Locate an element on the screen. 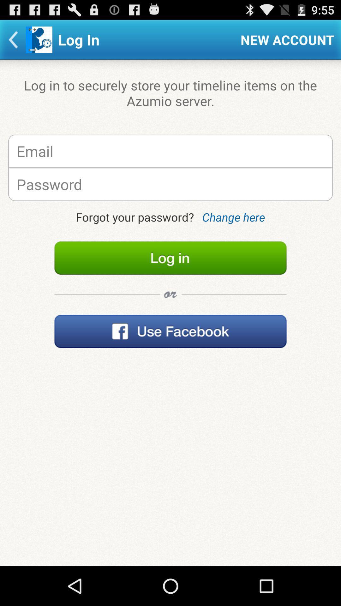  icon to the right of the log in icon is located at coordinates (287, 39).